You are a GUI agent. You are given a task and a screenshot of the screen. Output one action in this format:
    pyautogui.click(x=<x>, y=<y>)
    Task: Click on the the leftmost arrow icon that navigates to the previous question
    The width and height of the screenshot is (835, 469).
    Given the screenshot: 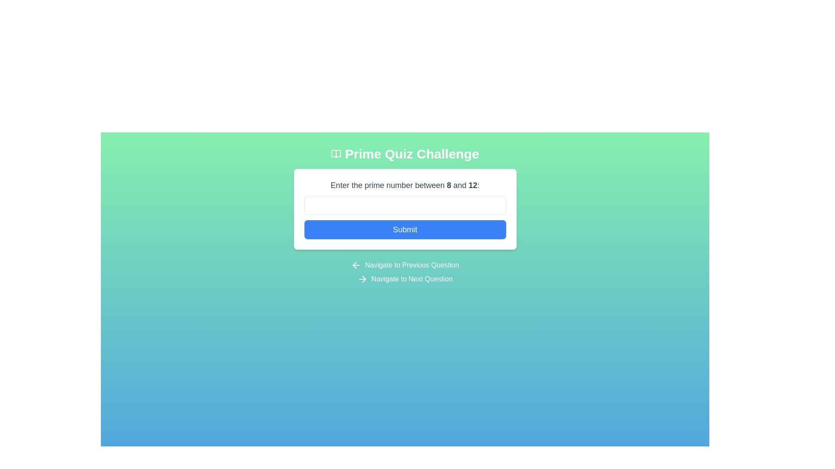 What is the action you would take?
    pyautogui.click(x=356, y=264)
    